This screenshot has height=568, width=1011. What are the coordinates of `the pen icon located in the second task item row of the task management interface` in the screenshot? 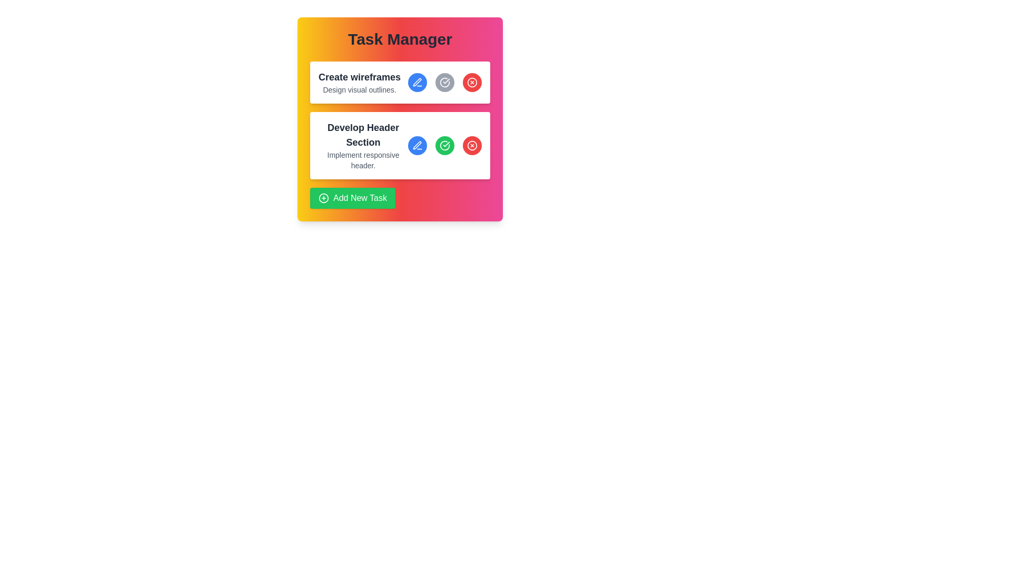 It's located at (417, 145).